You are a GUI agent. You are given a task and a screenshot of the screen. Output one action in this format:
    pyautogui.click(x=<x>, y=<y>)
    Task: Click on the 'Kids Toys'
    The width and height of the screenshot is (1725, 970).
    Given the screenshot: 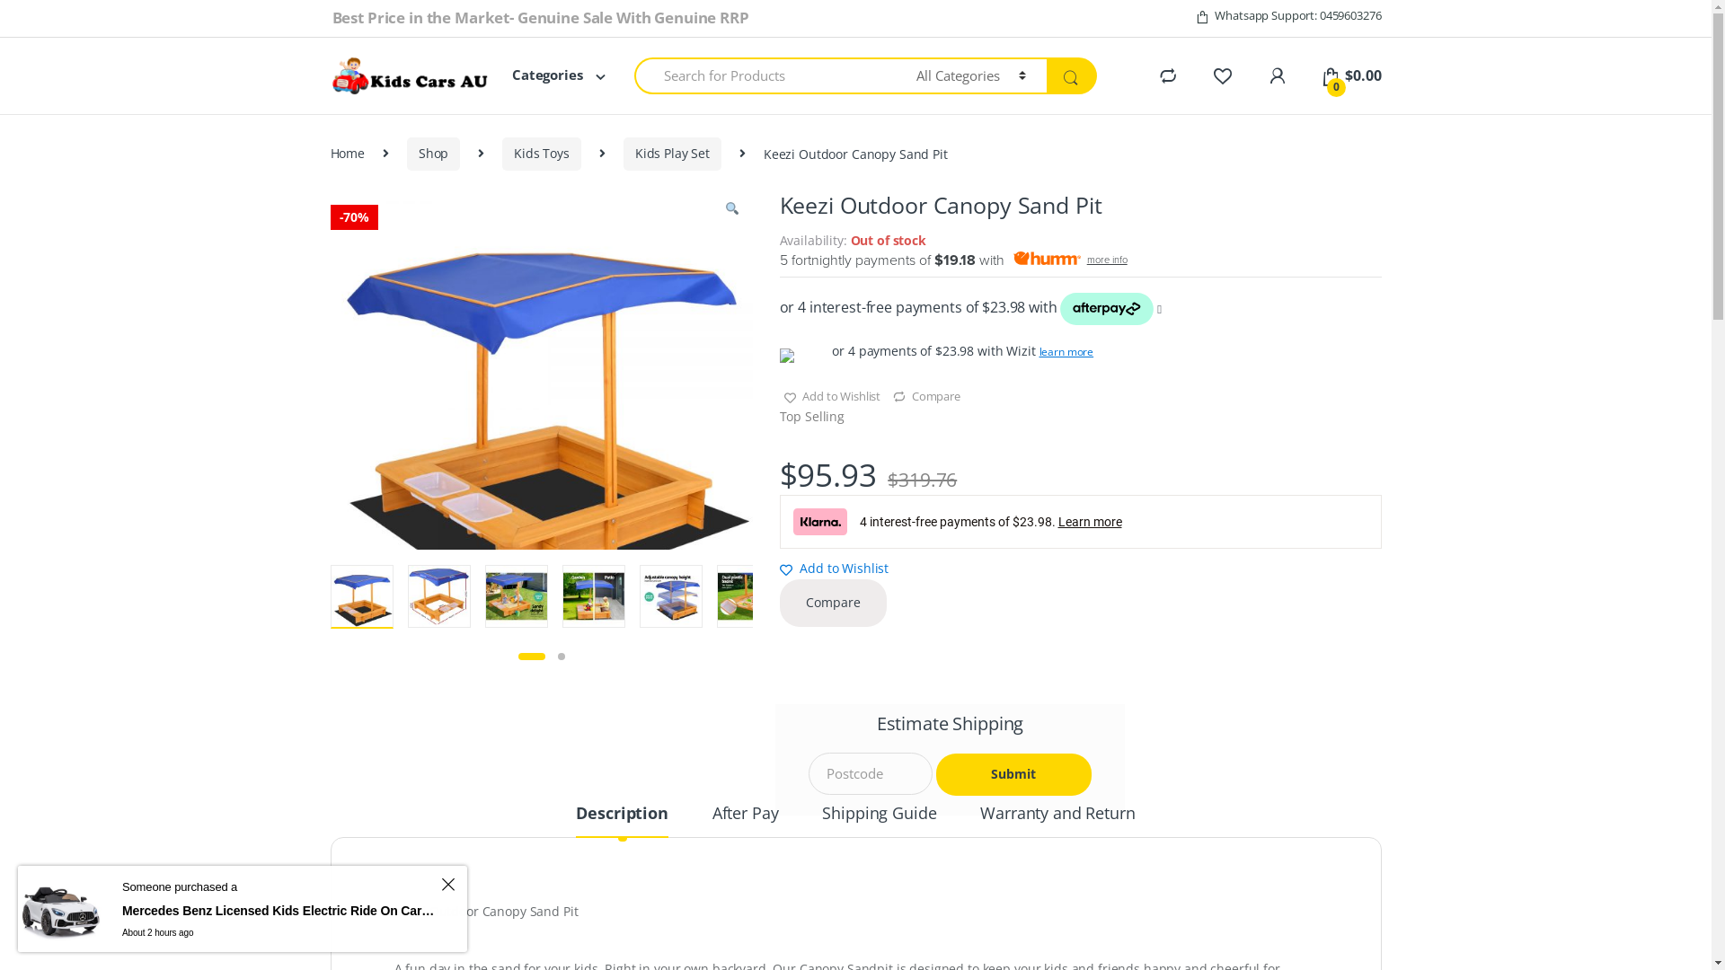 What is the action you would take?
    pyautogui.click(x=541, y=153)
    